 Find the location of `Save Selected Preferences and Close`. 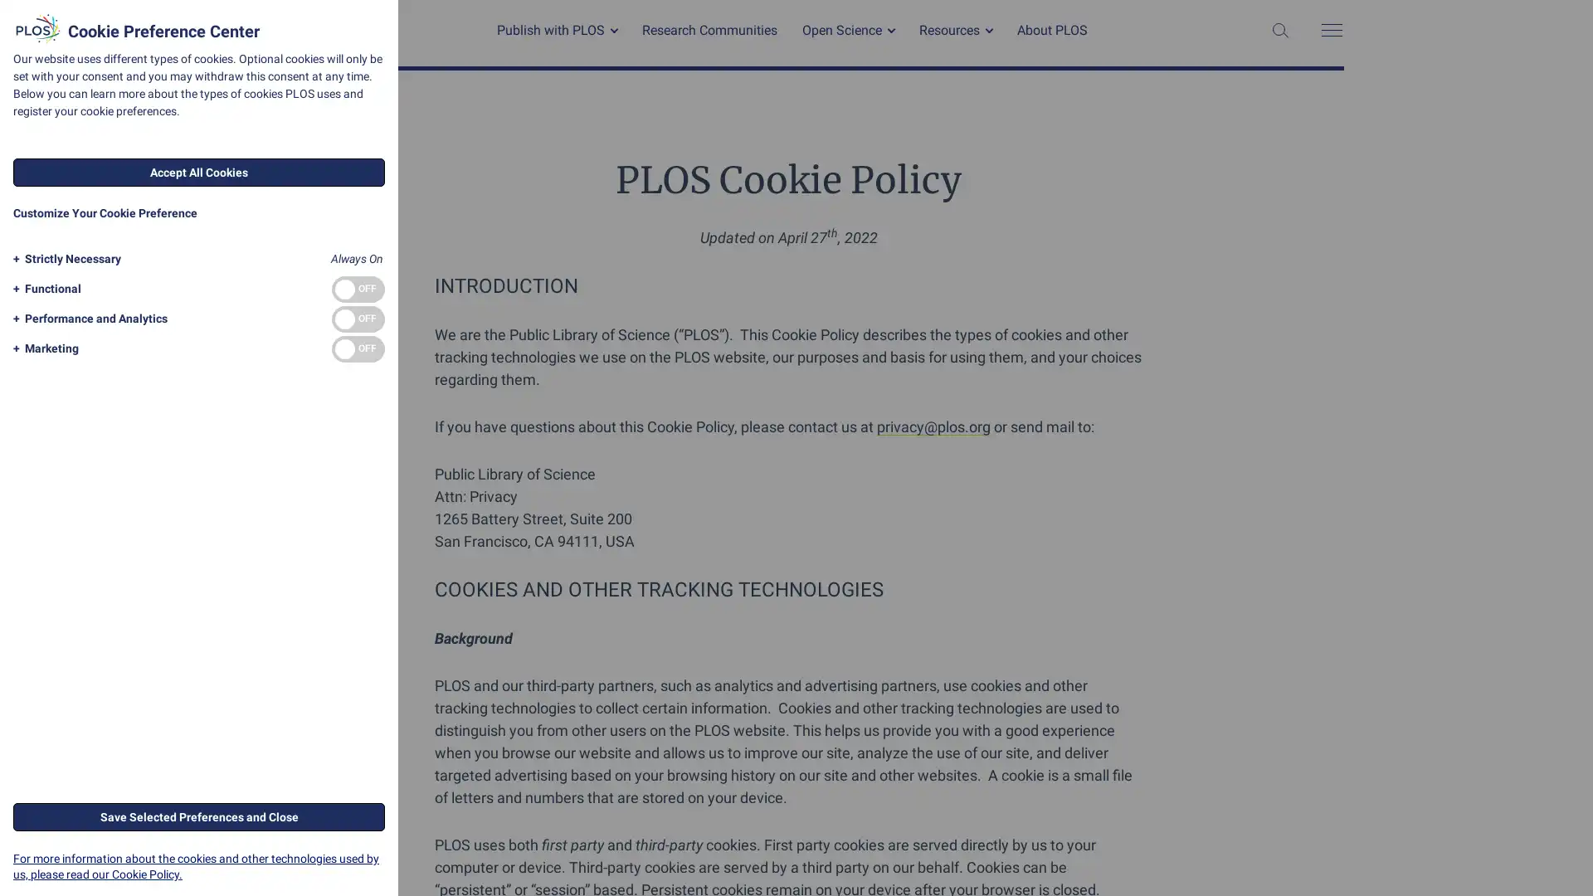

Save Selected Preferences and Close is located at coordinates (199, 815).